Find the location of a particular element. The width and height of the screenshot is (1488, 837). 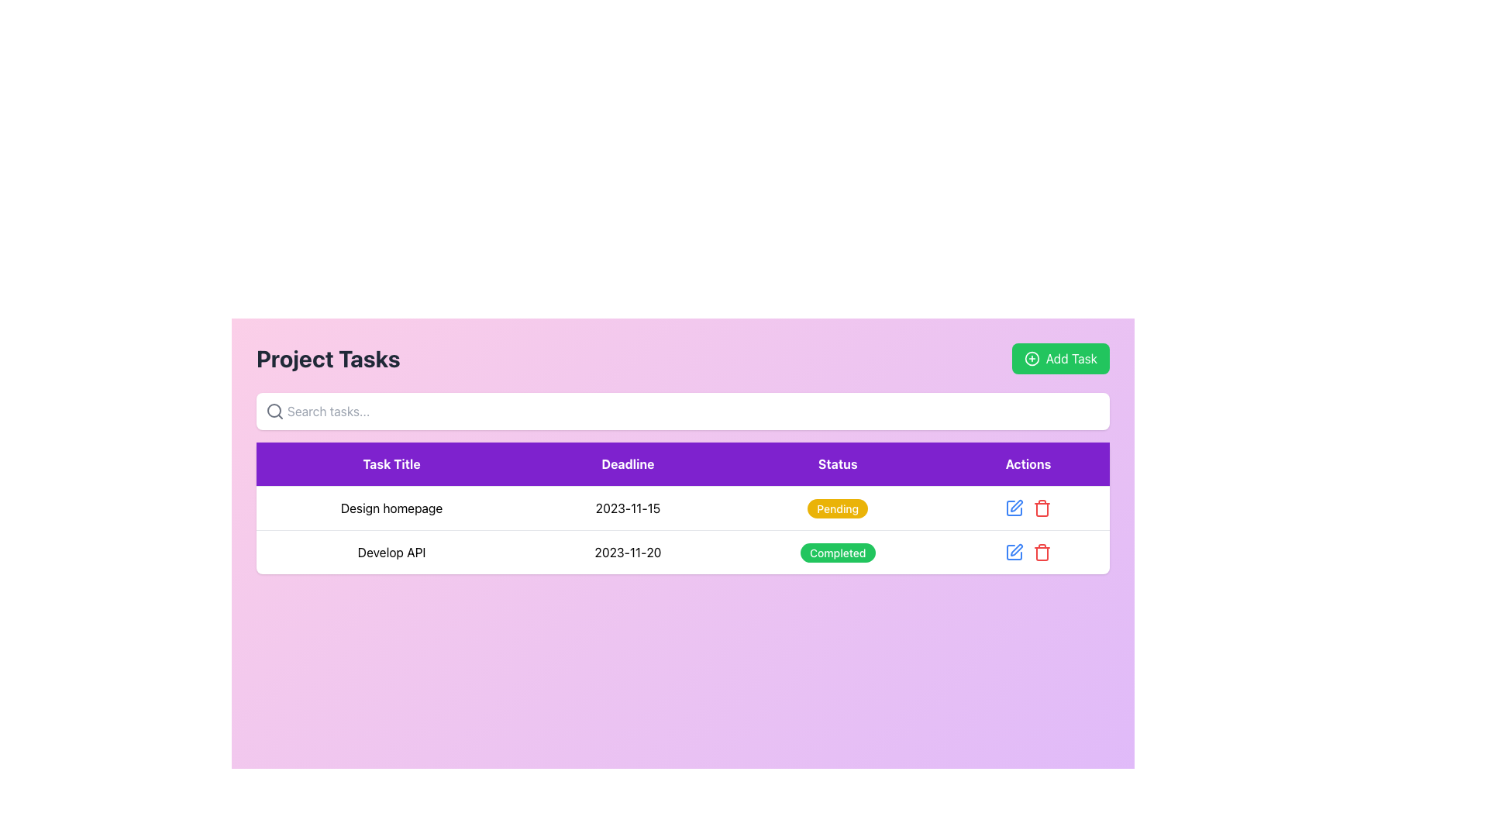

the 'Add Task' icon located in the upper-right corner of the interface to initiate the creation of a new task is located at coordinates (1032, 358).